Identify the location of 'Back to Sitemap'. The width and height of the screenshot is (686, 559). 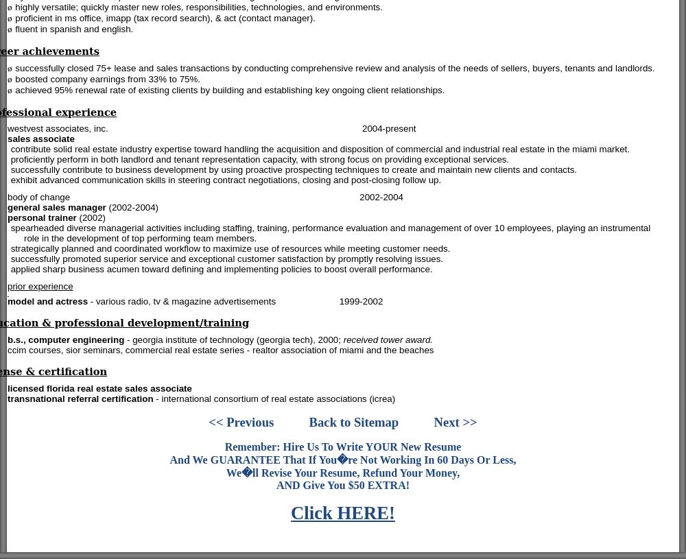
(353, 421).